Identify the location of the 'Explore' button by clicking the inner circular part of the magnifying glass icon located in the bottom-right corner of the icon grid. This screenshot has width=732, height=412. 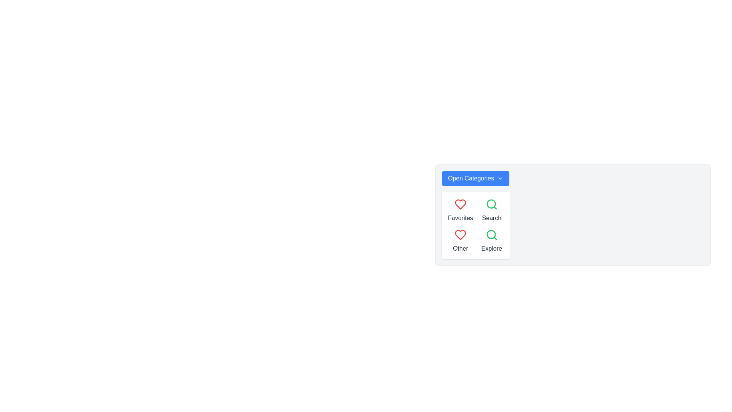
(491, 234).